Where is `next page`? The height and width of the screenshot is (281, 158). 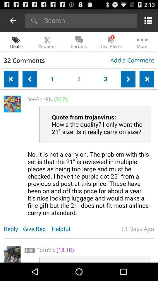
next page is located at coordinates (146, 79).